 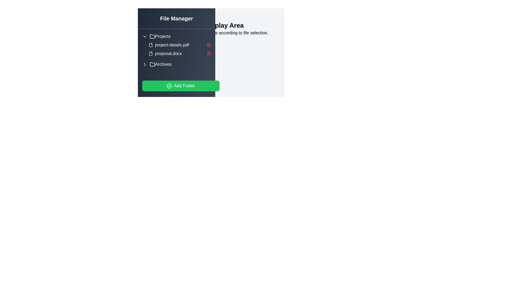 I want to click on the folder icon located in the left-side navigation pane of the File Manager, positioned next to the text 'Projects', so click(x=152, y=36).